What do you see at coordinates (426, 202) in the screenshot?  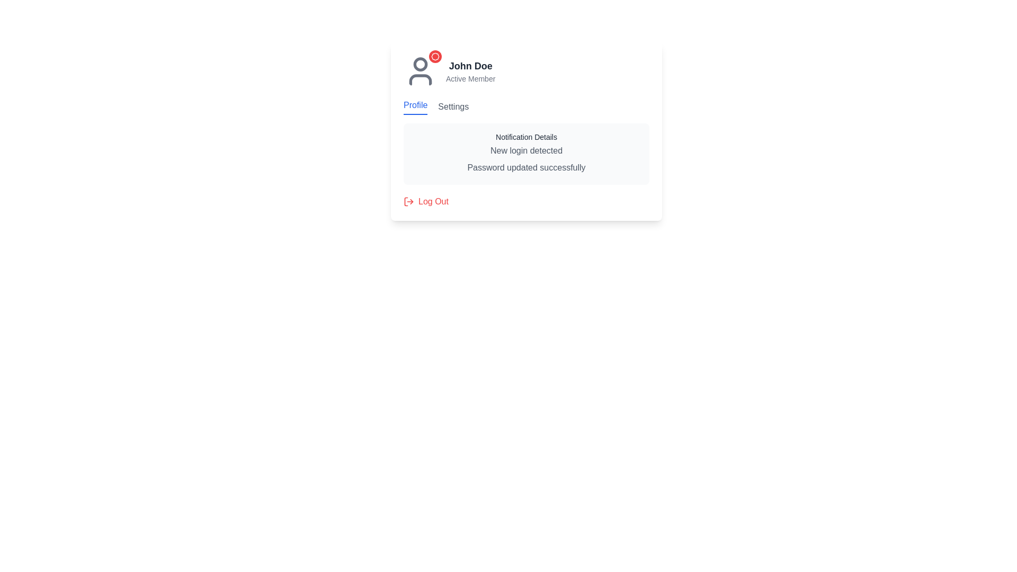 I see `the 'Log Out' button, which is styled in red with an icon of a right-pointing arrow, located near the bottom left of the user profile card` at bounding box center [426, 202].